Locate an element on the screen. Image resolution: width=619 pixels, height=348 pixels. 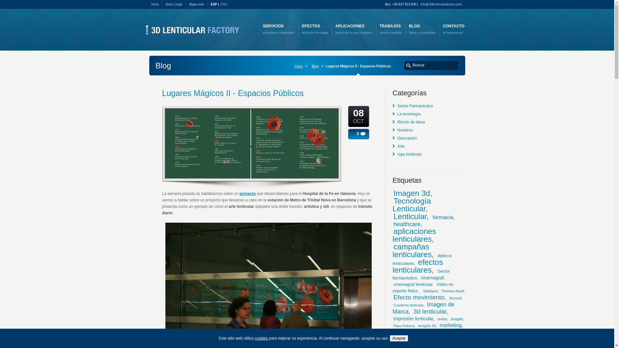
'search' is located at coordinates (408, 65).